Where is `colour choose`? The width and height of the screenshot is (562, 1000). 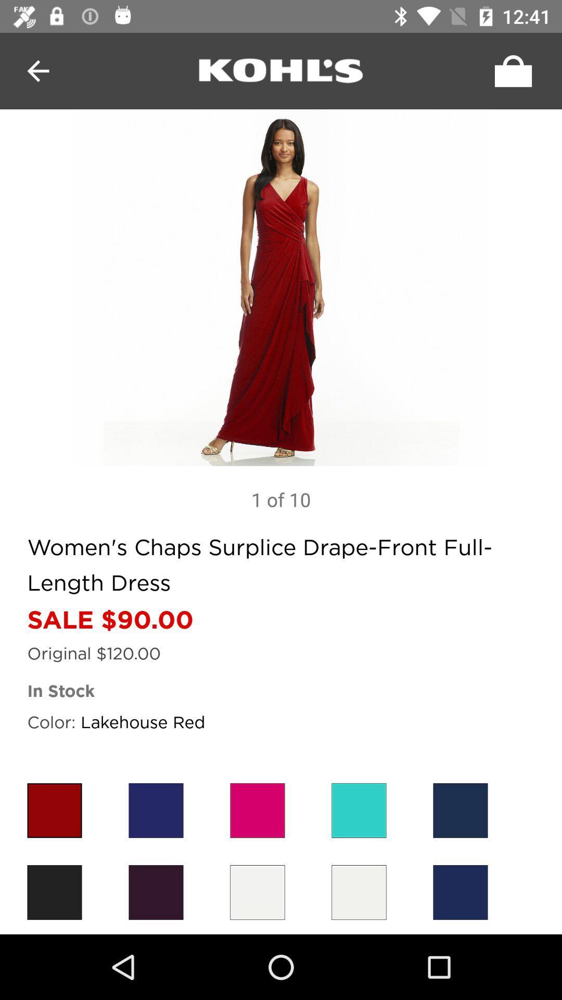
colour choose is located at coordinates (459, 810).